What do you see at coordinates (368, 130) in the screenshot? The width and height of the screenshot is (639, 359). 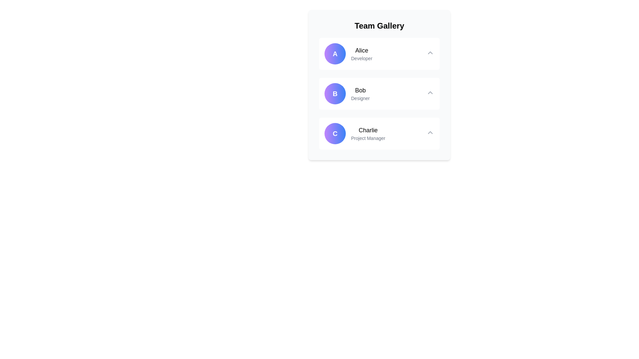 I see `the text element displaying the name 'Charlie', which is in bold font and positioned beside a circular graphic element marked 'C', within the 'Team Gallery' section` at bounding box center [368, 130].